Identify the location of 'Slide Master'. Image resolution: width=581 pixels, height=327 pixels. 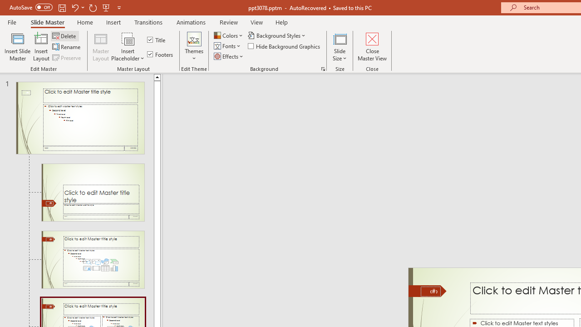
(47, 22).